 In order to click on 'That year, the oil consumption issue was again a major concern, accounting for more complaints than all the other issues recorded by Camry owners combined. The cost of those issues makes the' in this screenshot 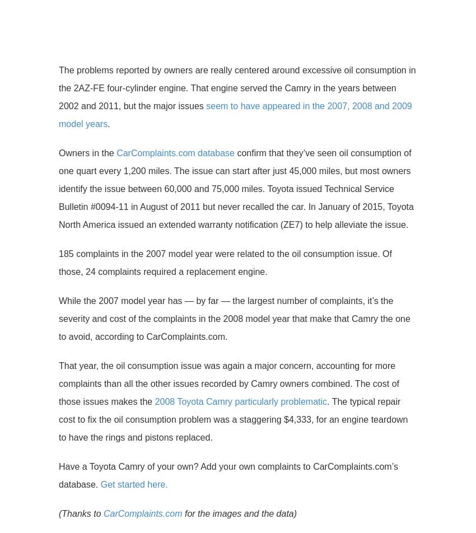, I will do `click(229, 384)`.